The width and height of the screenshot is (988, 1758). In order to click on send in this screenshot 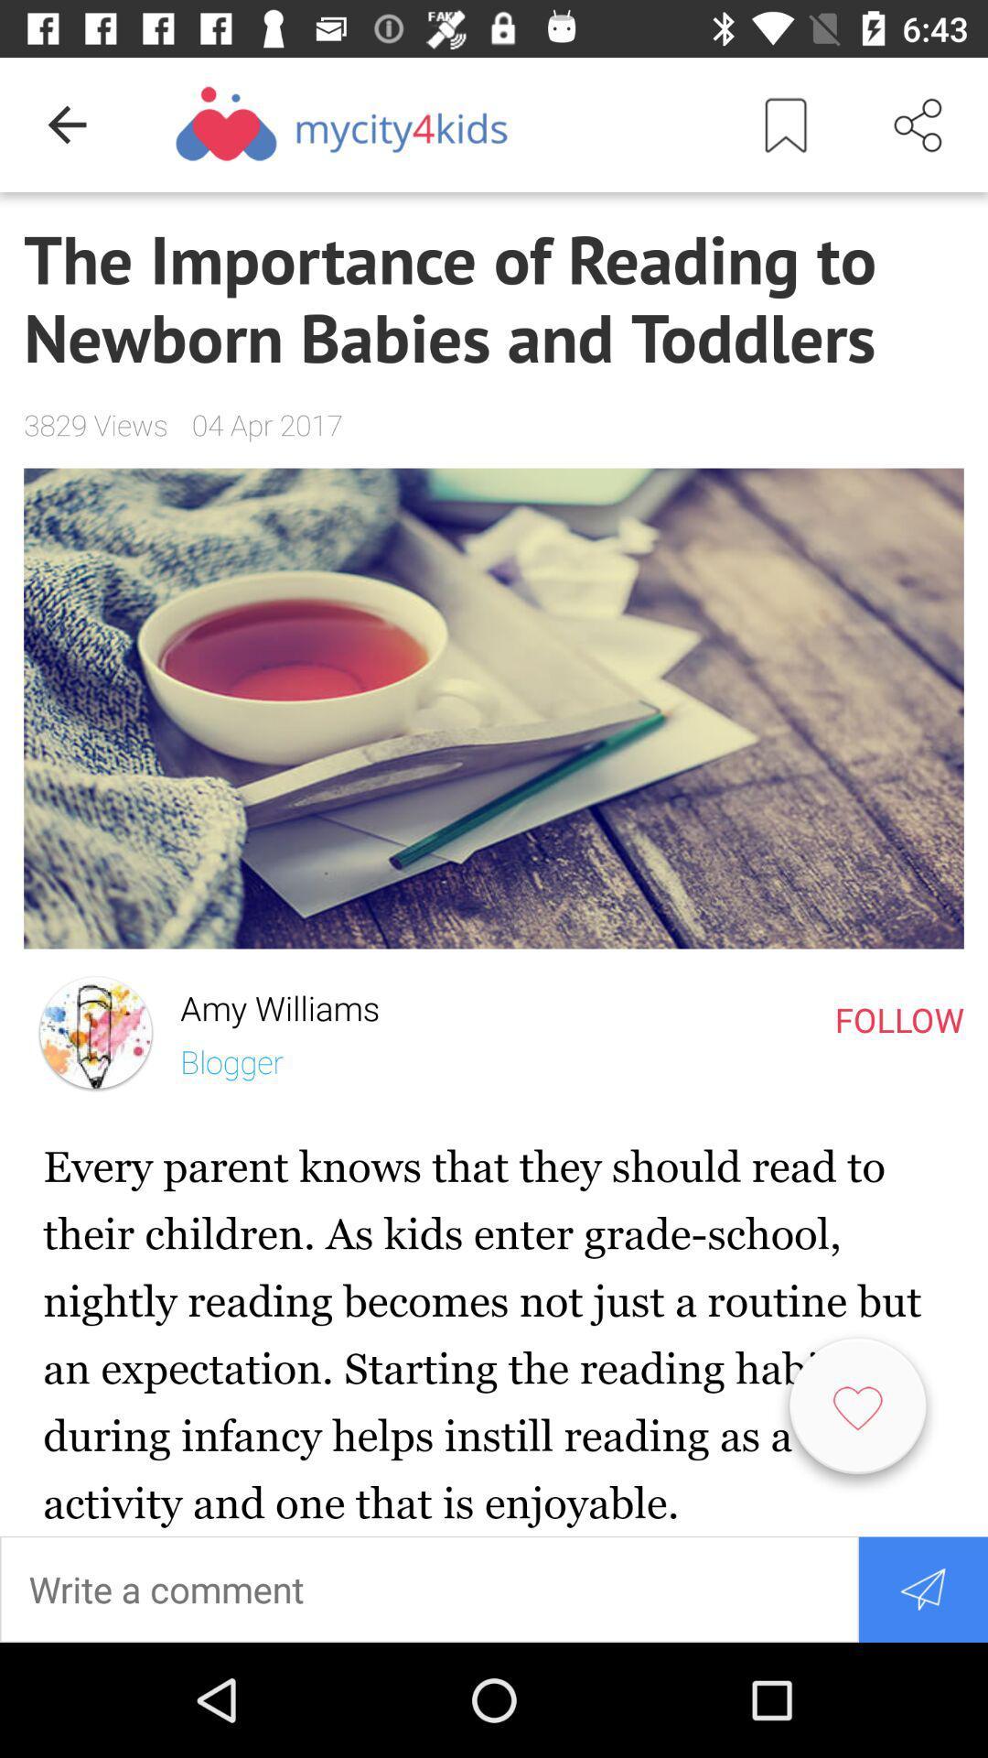, I will do `click(923, 1588)`.